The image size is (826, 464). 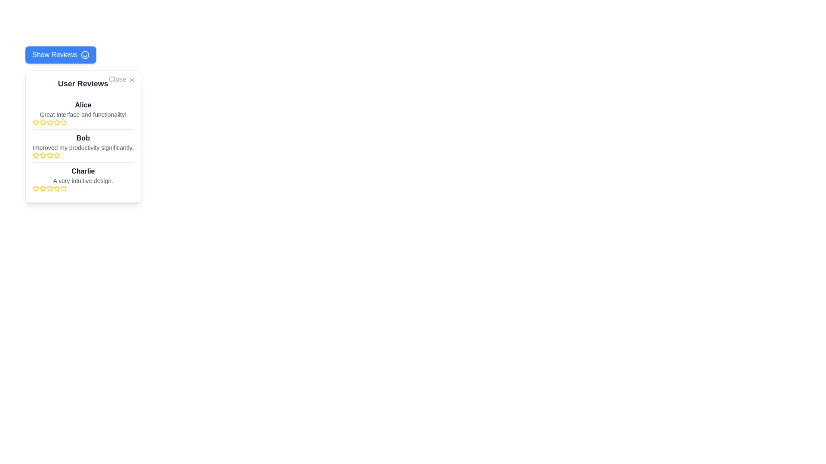 What do you see at coordinates (49, 155) in the screenshot?
I see `the second star icon in the star rating system for the review titled 'Bob', which visually represents part of the rating scale` at bounding box center [49, 155].